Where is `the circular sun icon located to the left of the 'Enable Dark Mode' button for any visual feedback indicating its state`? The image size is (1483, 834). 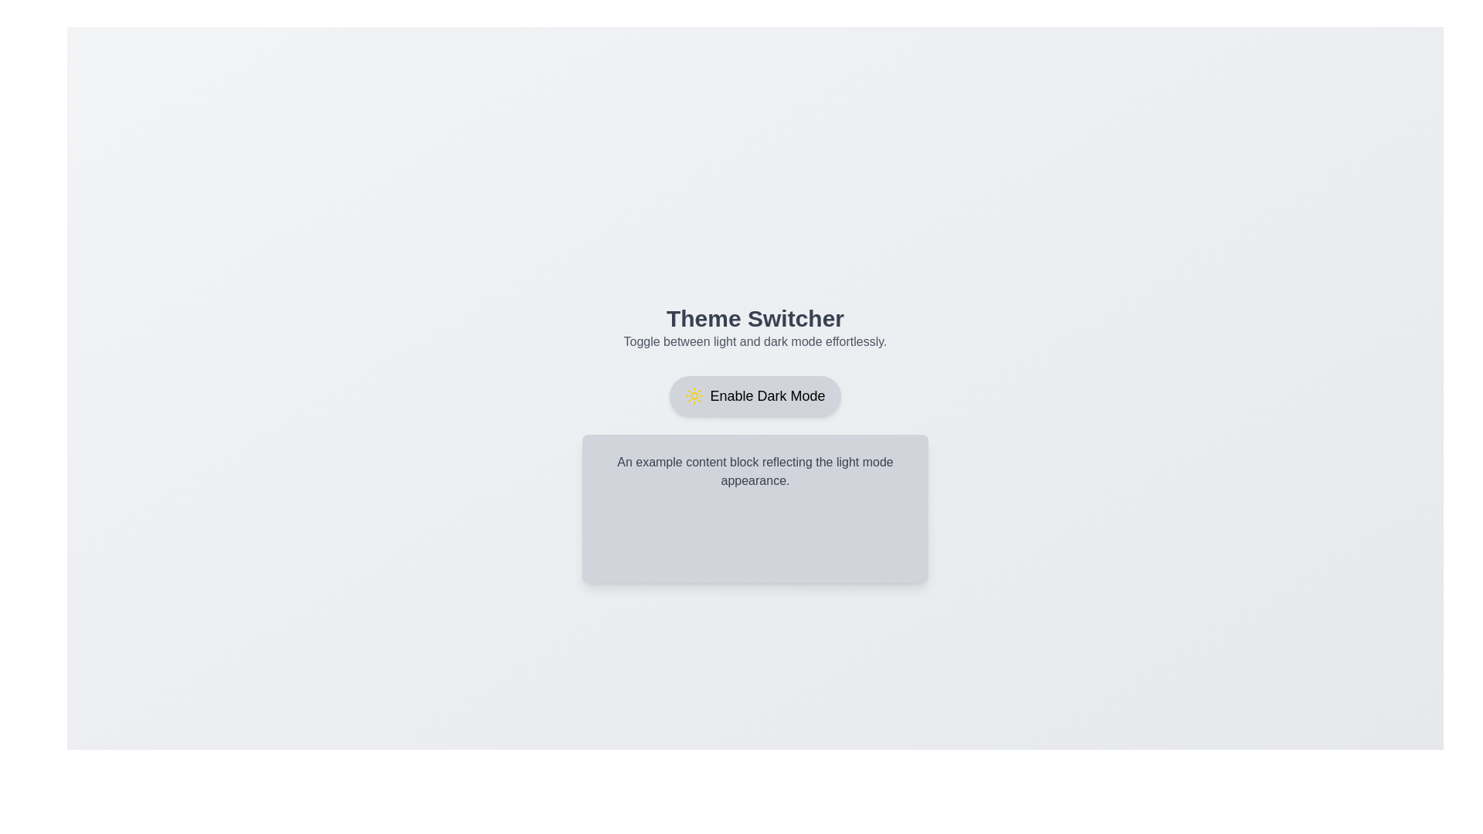
the circular sun icon located to the left of the 'Enable Dark Mode' button for any visual feedback indicating its state is located at coordinates (694, 395).